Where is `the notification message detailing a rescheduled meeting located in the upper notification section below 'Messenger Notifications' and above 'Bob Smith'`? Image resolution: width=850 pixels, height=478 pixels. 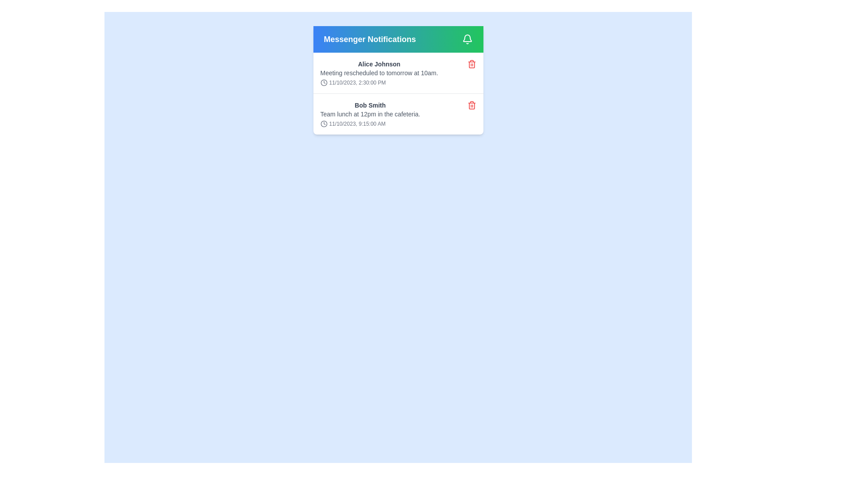
the notification message detailing a rescheduled meeting located in the upper notification section below 'Messenger Notifications' and above 'Bob Smith' is located at coordinates (379, 73).